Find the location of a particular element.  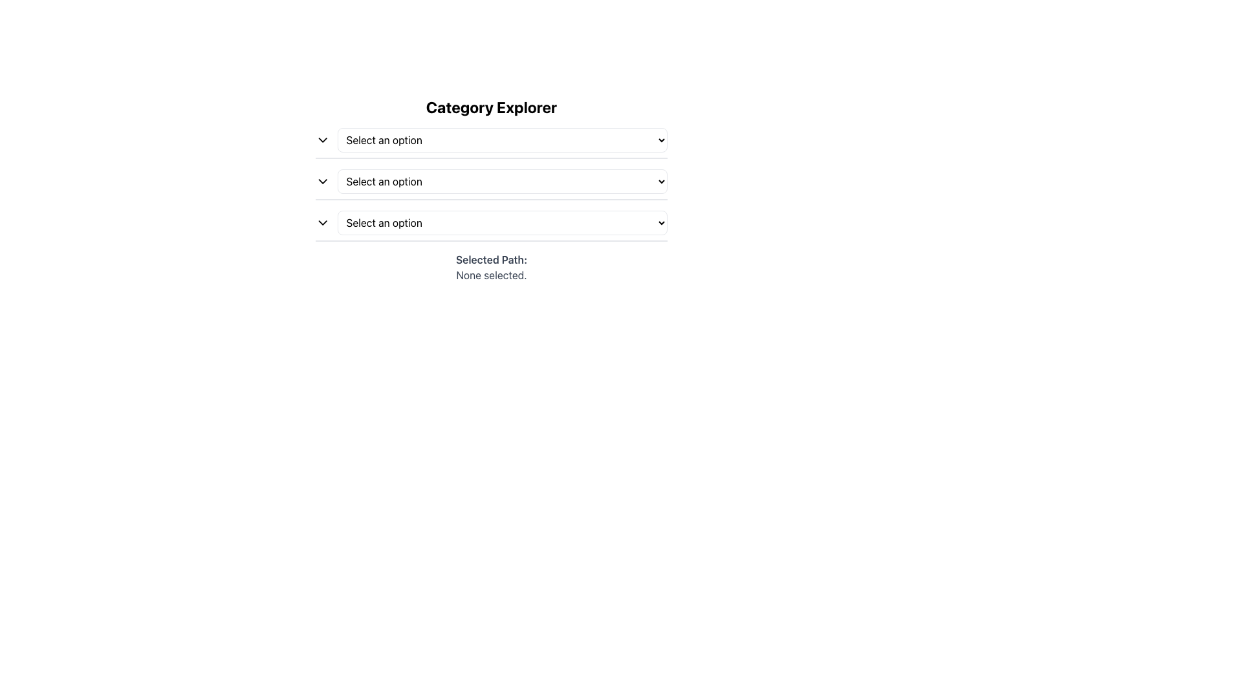

the downward pointing triangle-shaped arrow icon is located at coordinates (323, 140).